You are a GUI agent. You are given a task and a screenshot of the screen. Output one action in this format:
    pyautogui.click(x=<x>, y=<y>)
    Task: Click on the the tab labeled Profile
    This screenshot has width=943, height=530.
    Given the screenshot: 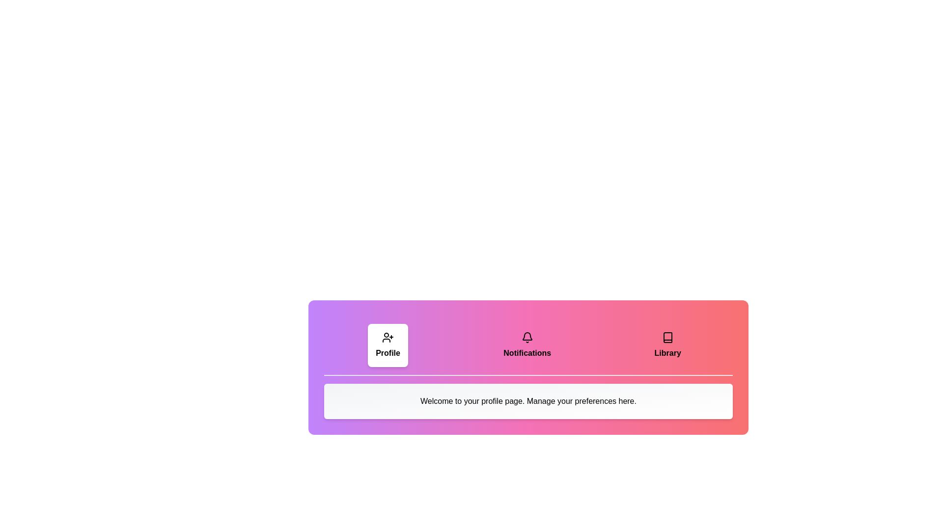 What is the action you would take?
    pyautogui.click(x=388, y=345)
    